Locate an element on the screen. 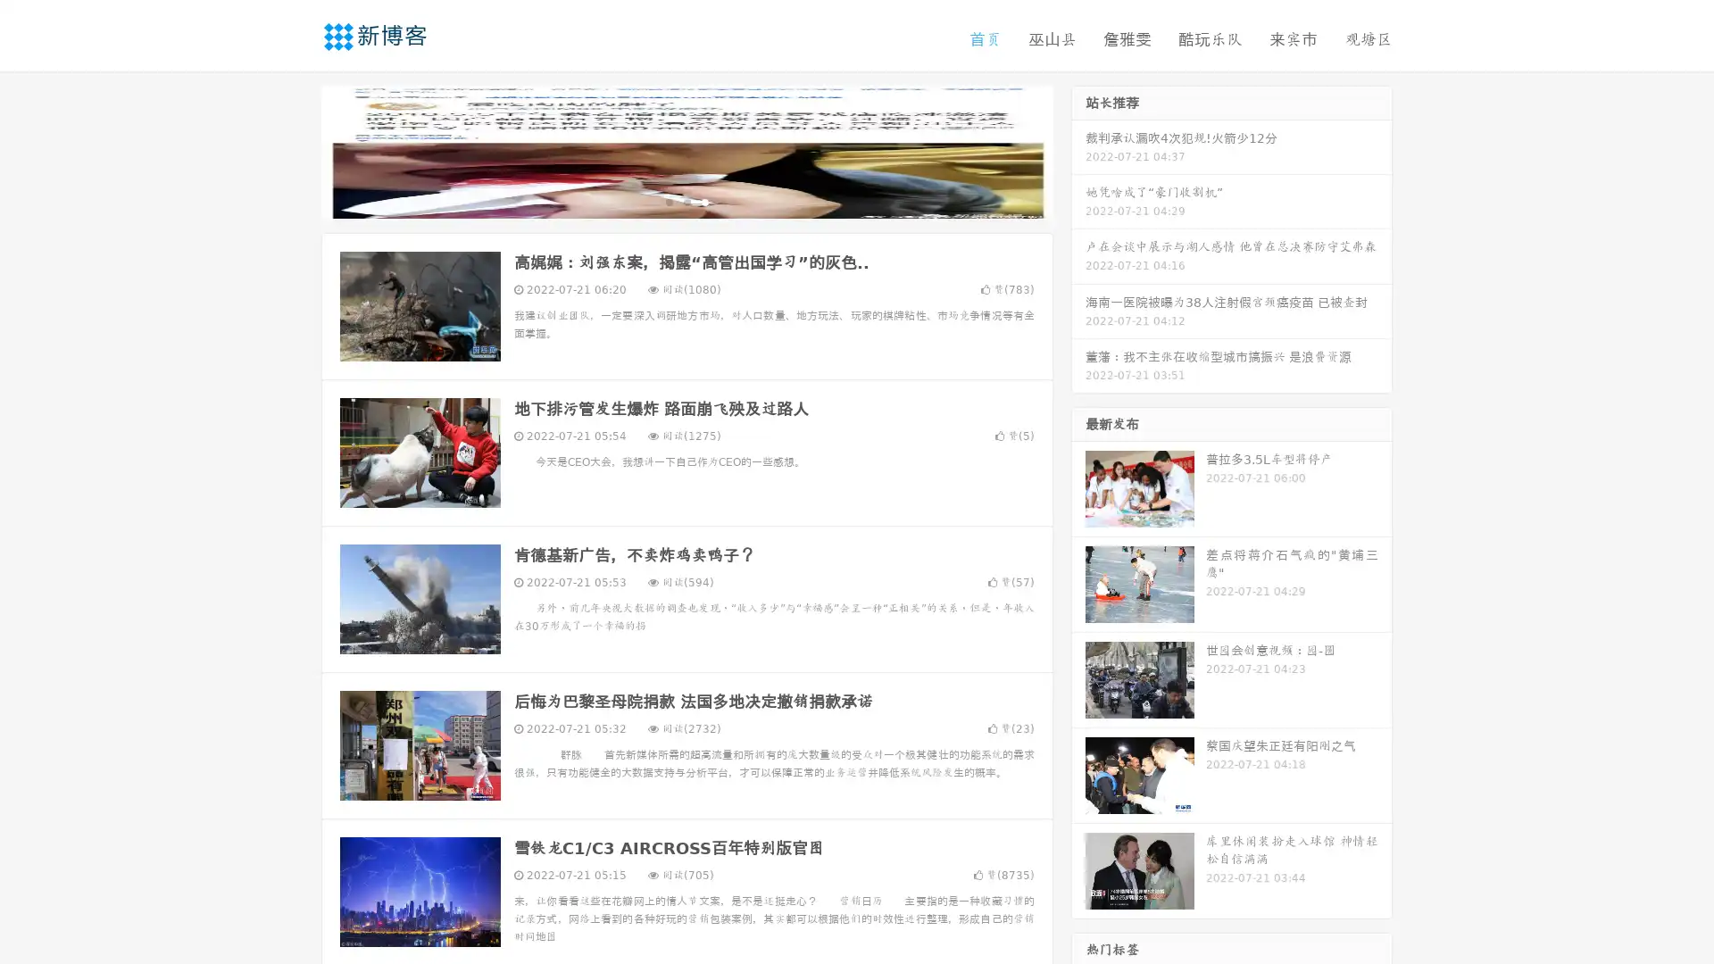  Go to slide 1 is located at coordinates (668, 201).